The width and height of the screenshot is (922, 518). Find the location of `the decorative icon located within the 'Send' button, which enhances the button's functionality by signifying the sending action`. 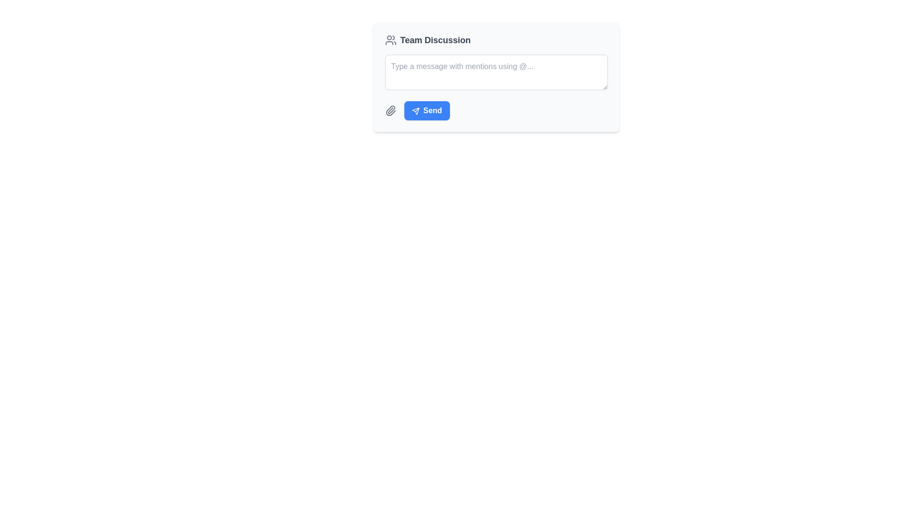

the decorative icon located within the 'Send' button, which enhances the button's functionality by signifying the sending action is located at coordinates (415, 110).